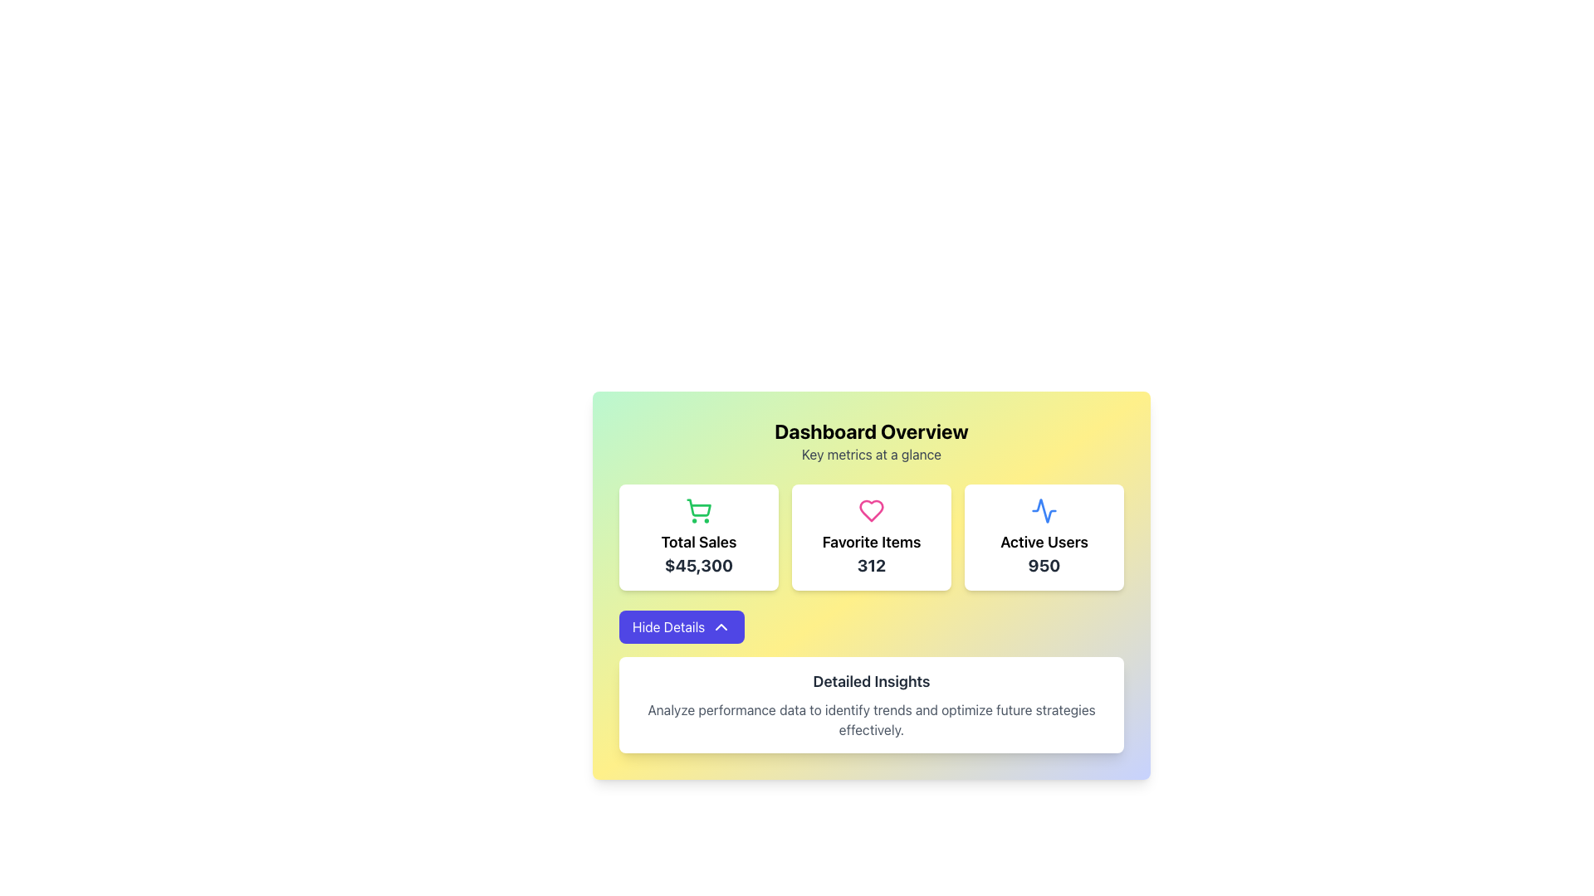 The width and height of the screenshot is (1594, 896). What do you see at coordinates (699, 507) in the screenshot?
I see `the shopping or sales icon located in the leftmost white rectangular card labeled 'Total Sales $45,300' in the bottom section of the interface under 'Dashboard Overview'` at bounding box center [699, 507].